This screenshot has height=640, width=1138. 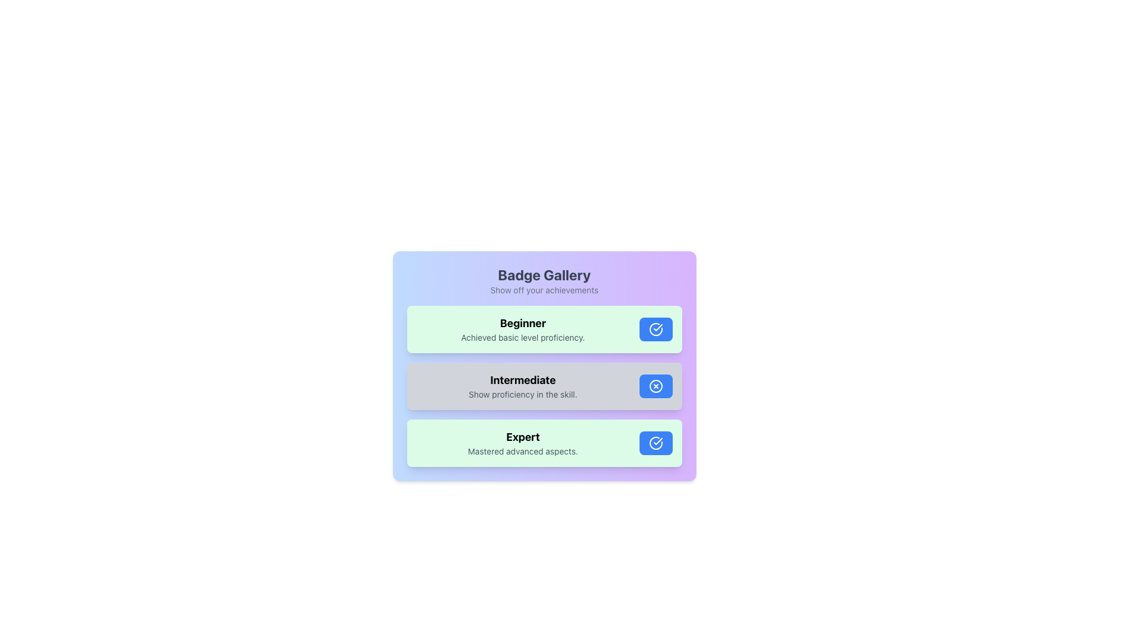 I want to click on the text element displaying 'Expert', which is the title in the third row of the achievement levels list, so click(x=522, y=437).